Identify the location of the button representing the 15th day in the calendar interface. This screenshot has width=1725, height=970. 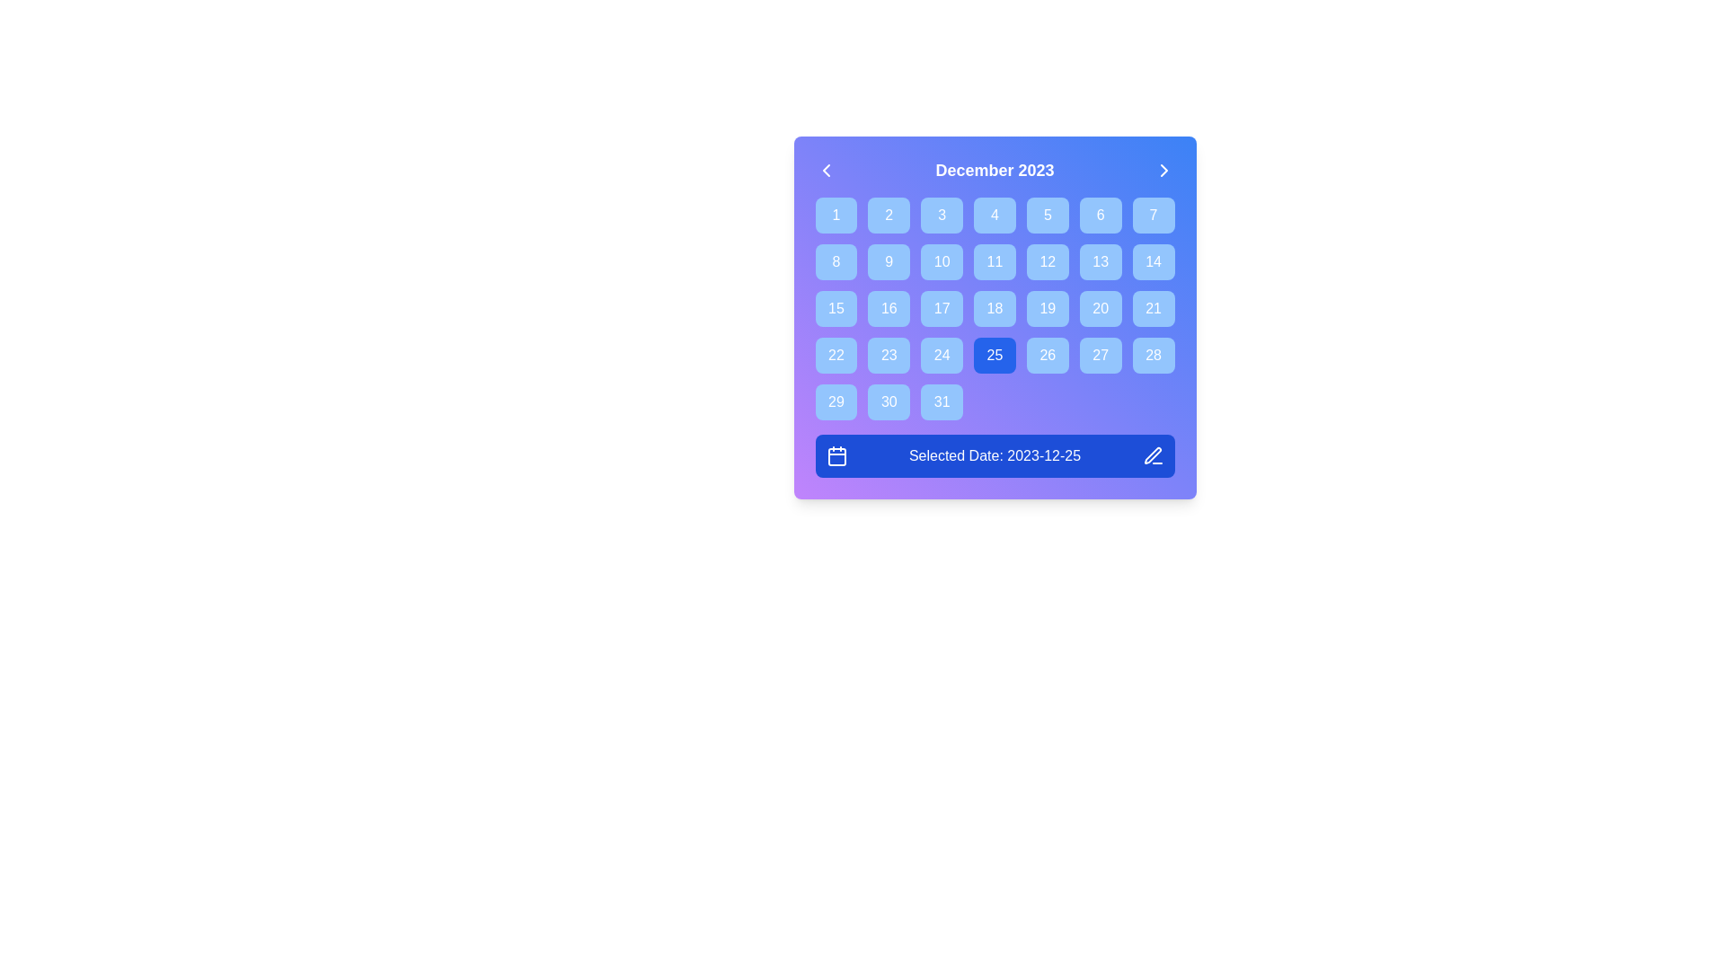
(836, 307).